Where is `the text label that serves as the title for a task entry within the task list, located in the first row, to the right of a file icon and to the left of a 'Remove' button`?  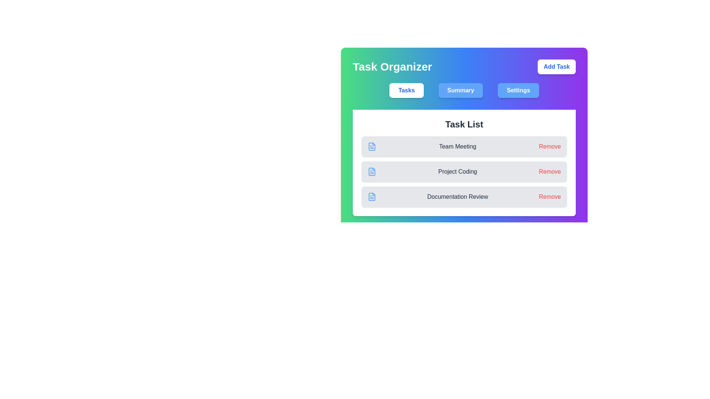
the text label that serves as the title for a task entry within the task list, located in the first row, to the right of a file icon and to the left of a 'Remove' button is located at coordinates (457, 147).